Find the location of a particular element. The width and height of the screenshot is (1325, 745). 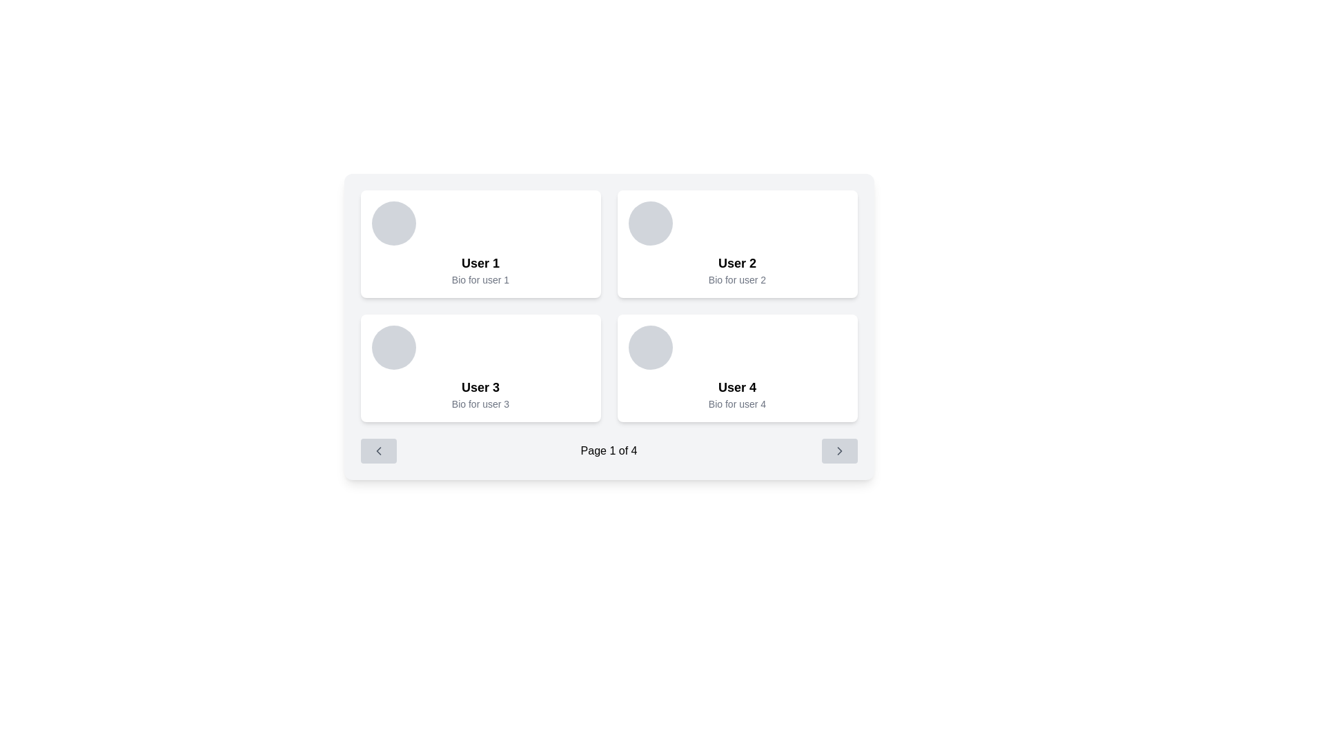

the circular avatar placeholder with a light gray background located at the top left corner of the card labeled 'User 2' is located at coordinates (649, 223).